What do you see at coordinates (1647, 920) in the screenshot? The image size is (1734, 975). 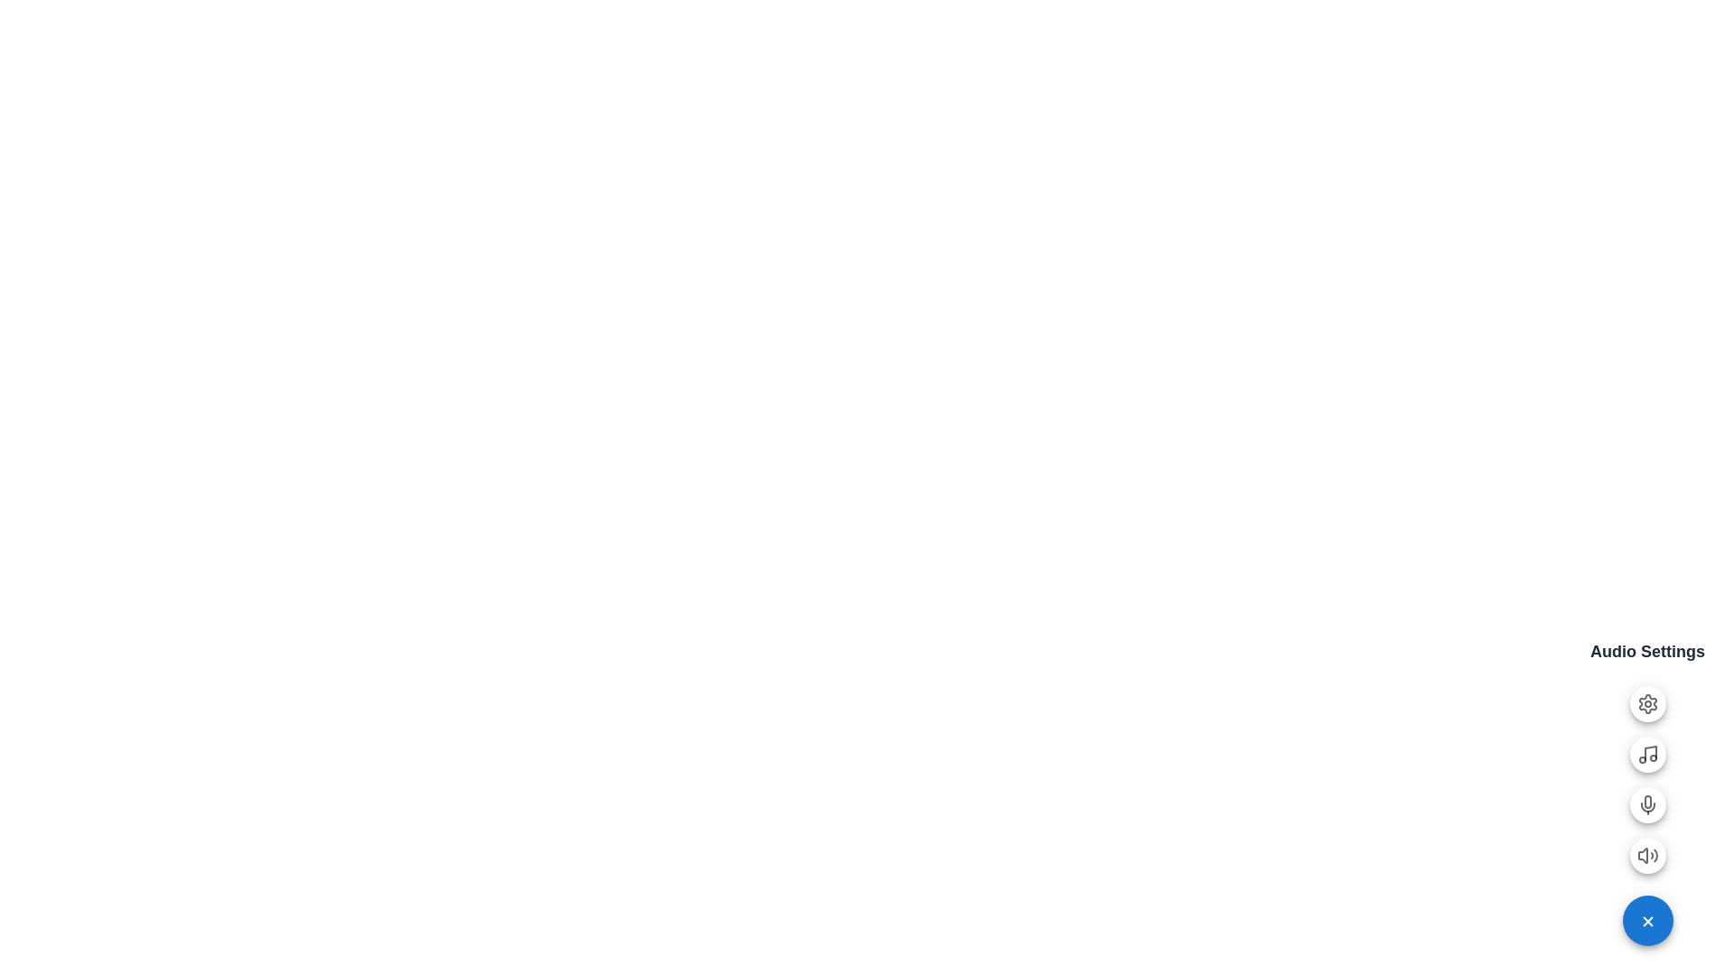 I see `the blue circular button with a white cross icon located in the bottom-right corner of the interface` at bounding box center [1647, 920].